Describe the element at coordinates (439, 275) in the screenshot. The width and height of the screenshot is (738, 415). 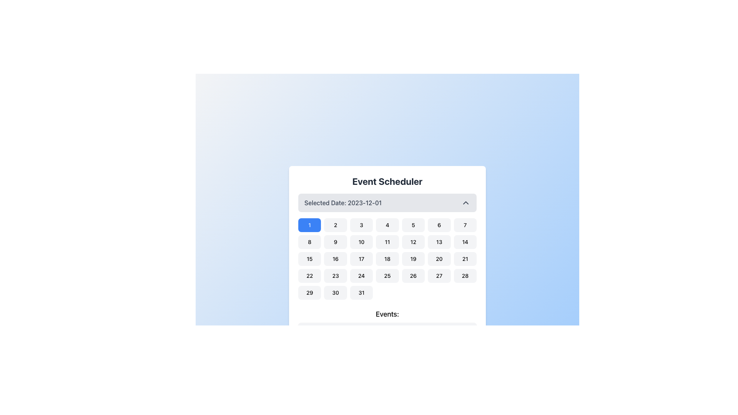
I see `the rectangular button with rounded corners labeled '27' in the last row, sixth column of the interactive calendar grid` at that location.